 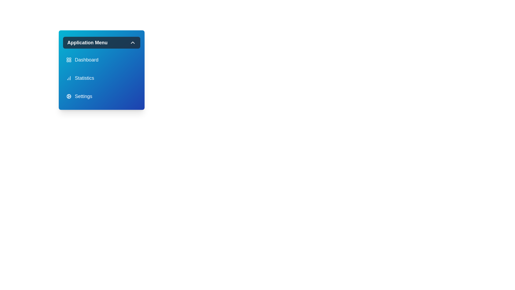 What do you see at coordinates (102, 96) in the screenshot?
I see `the menu item Settings to highlight it` at bounding box center [102, 96].